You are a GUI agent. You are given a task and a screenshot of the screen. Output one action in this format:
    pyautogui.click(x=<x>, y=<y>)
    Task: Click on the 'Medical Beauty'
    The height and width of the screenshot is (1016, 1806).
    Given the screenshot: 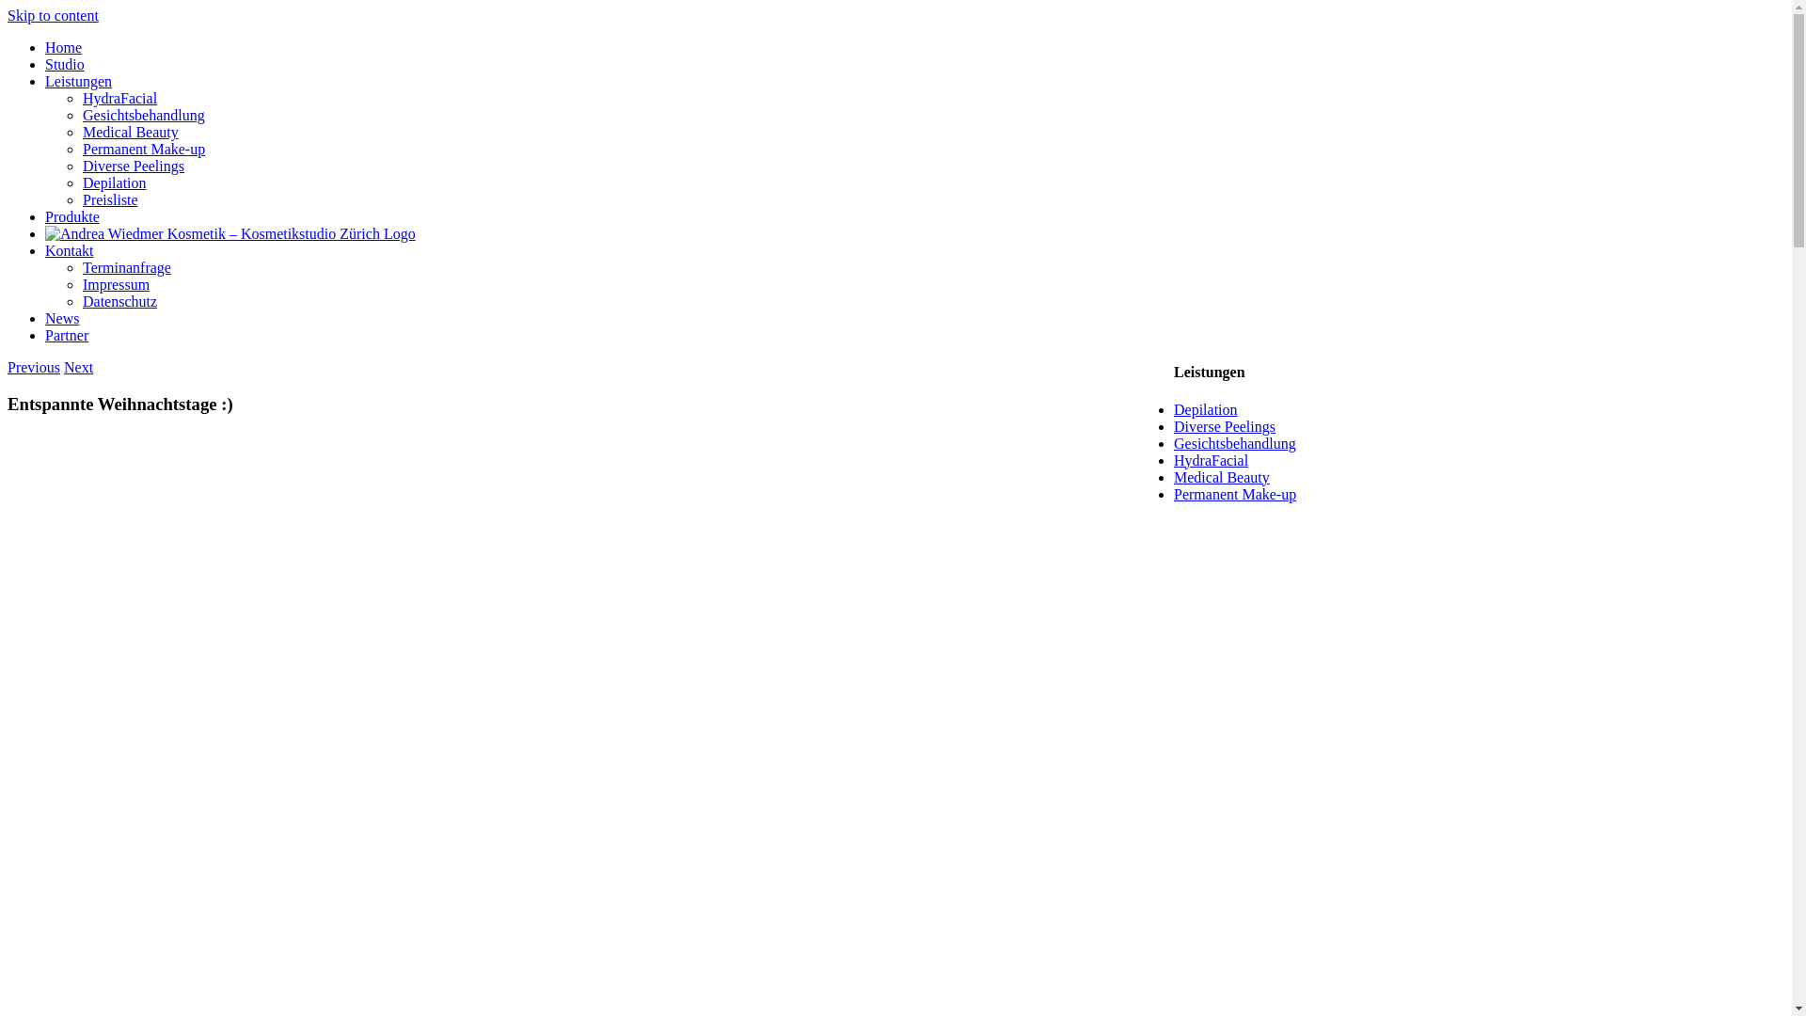 What is the action you would take?
    pyautogui.click(x=1173, y=476)
    